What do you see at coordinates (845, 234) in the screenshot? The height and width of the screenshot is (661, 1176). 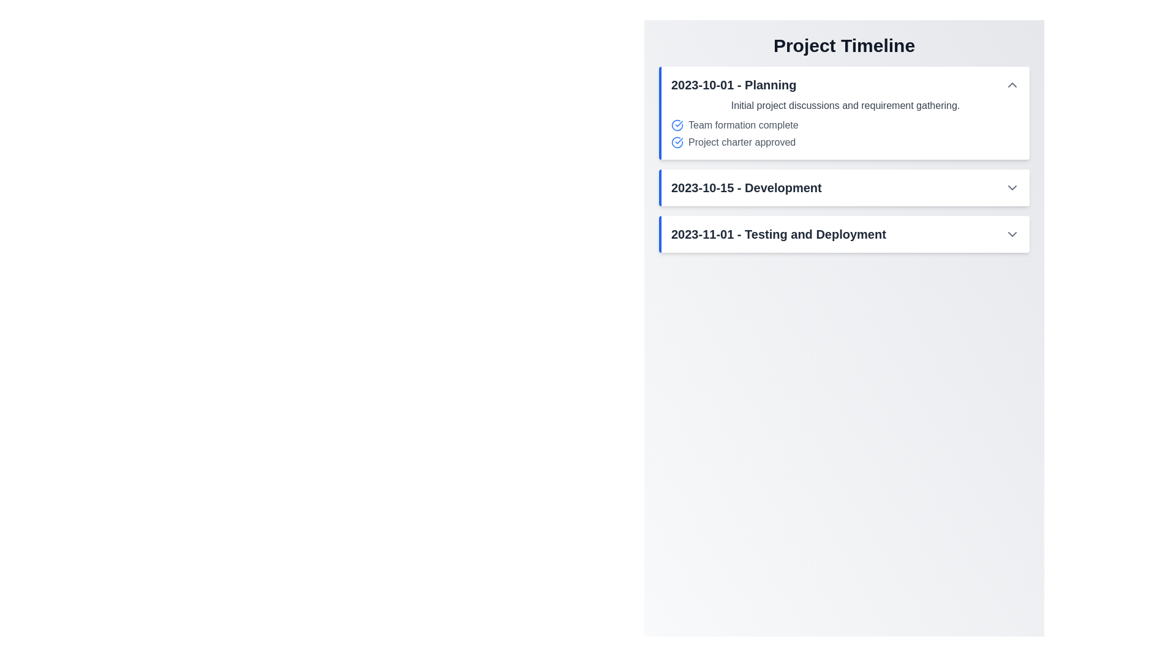 I see `the 'Testing and Deployment' text label, which indicates a specific date and milestone in the project timeline, located in the third card of the vertically stacked list` at bounding box center [845, 234].